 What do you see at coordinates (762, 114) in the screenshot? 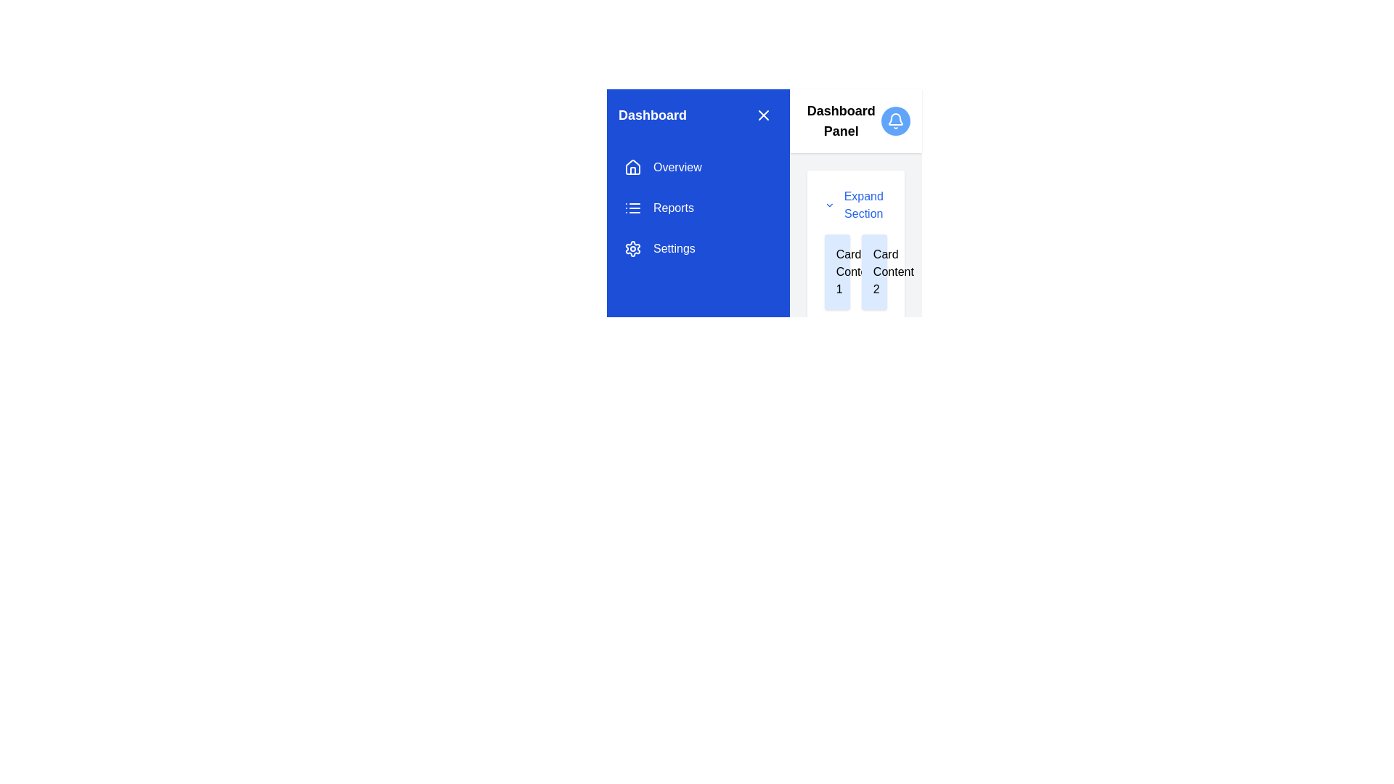
I see `the close action icon located at the top-right corner of the blue sidebar` at bounding box center [762, 114].